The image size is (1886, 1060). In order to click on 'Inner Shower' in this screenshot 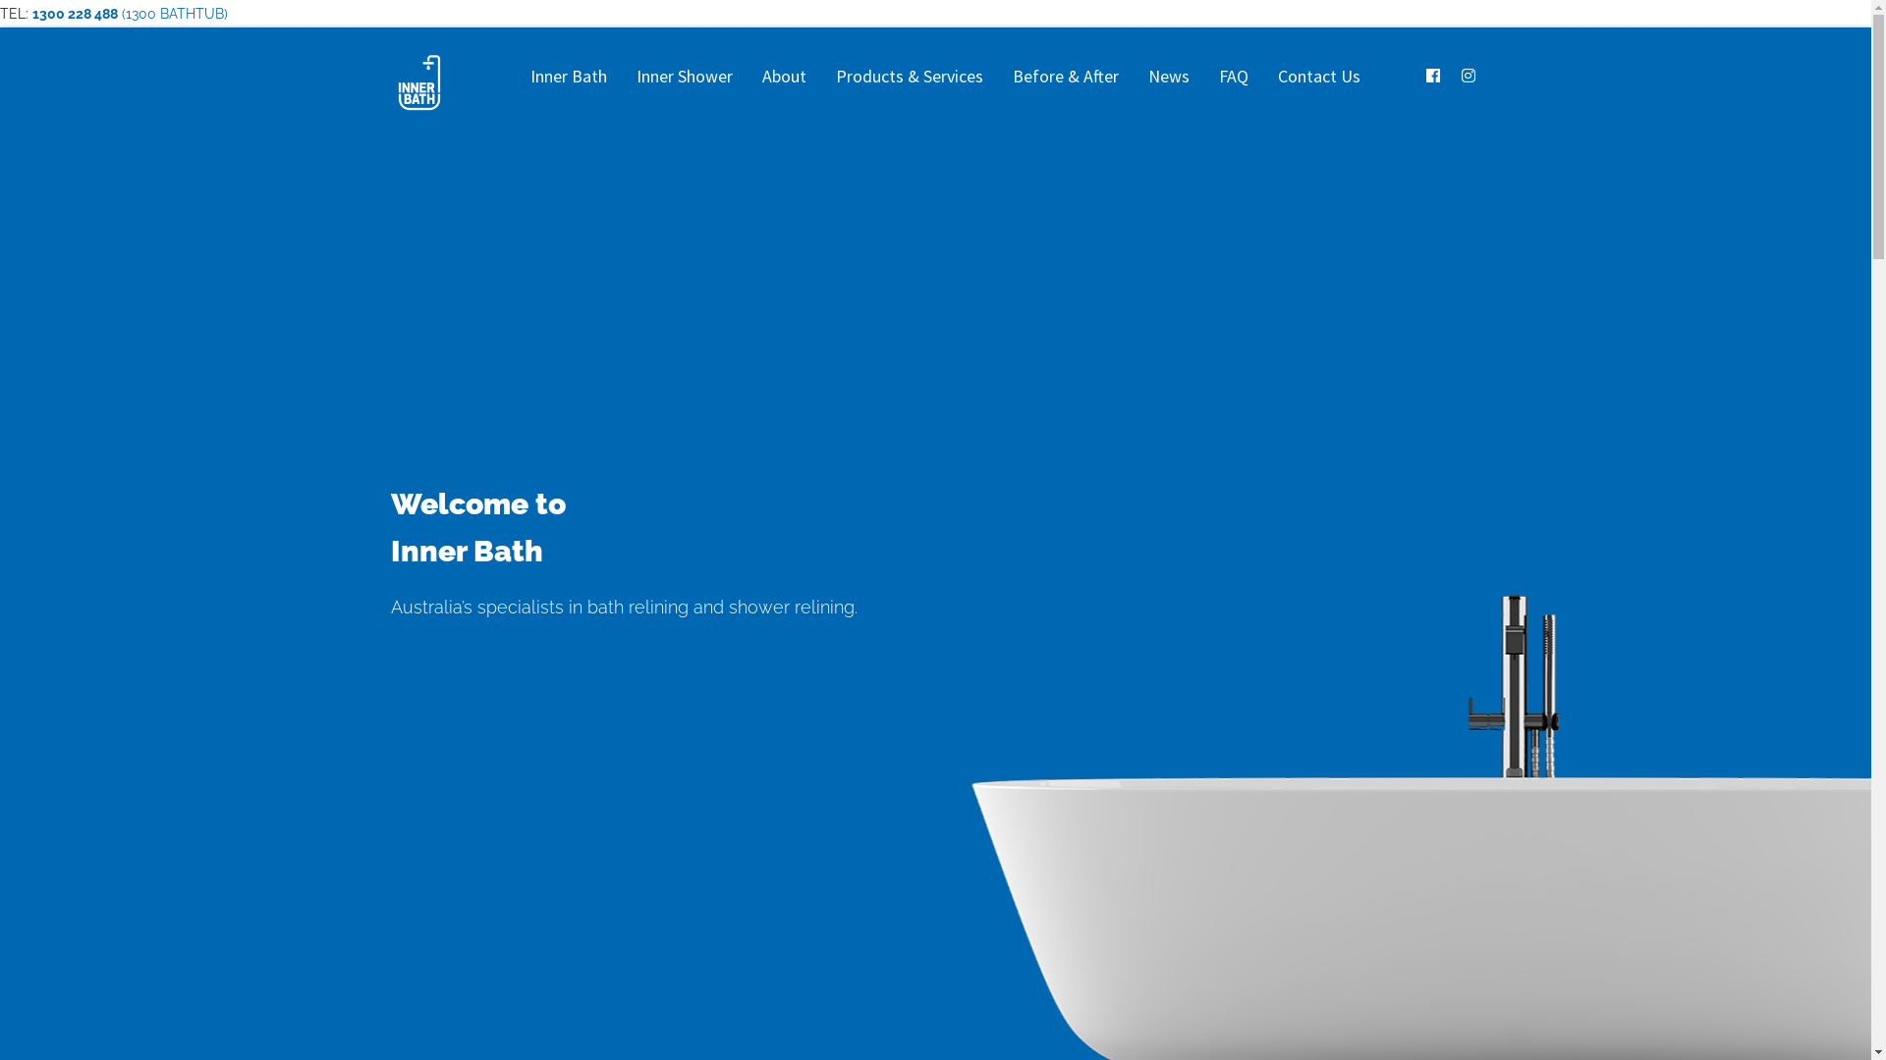, I will do `click(684, 75)`.